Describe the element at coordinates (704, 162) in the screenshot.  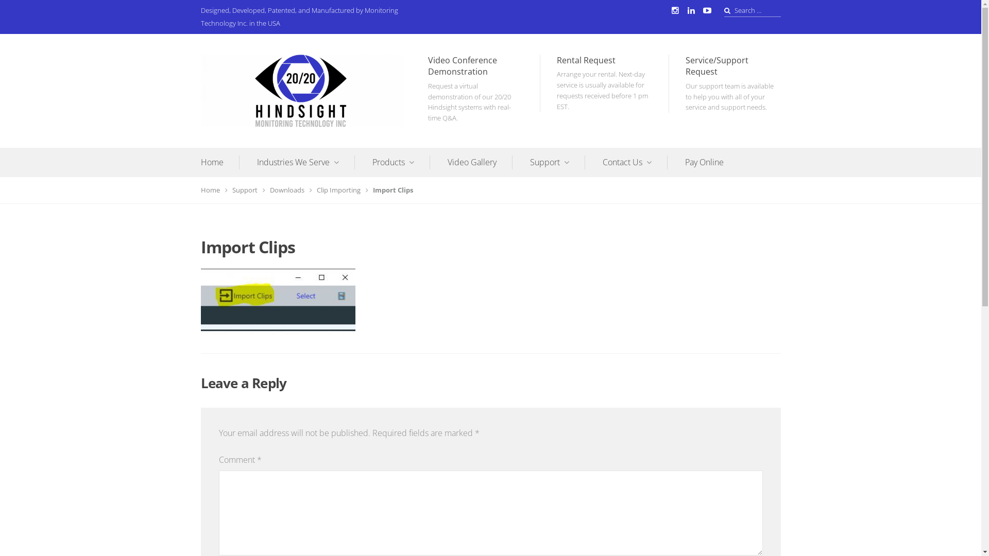
I see `'Pay Online'` at that location.